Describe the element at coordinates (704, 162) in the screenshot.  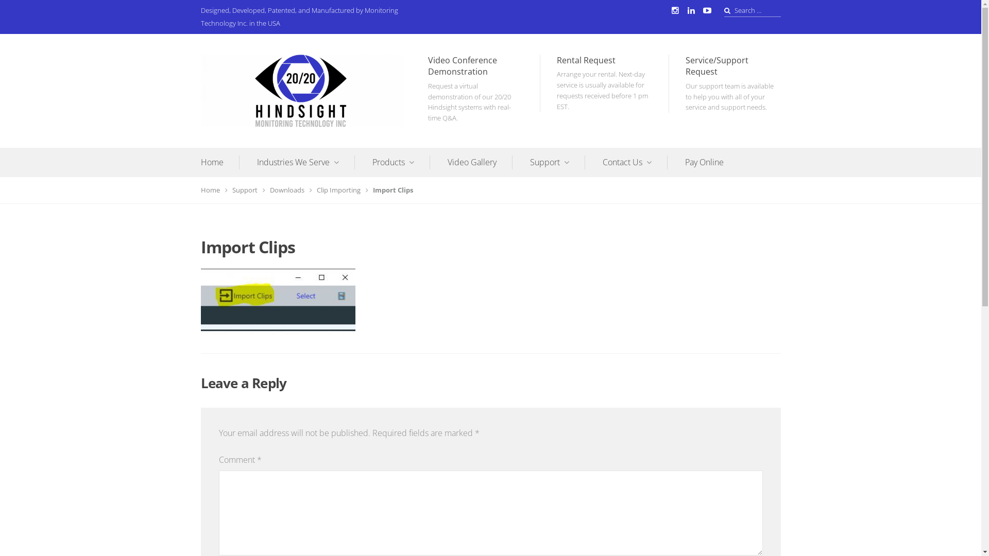
I see `'Pay Online'` at that location.